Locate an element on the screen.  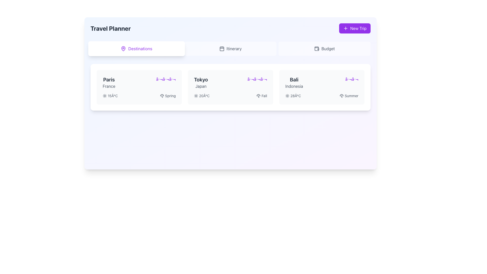
the 'New Trip' button with a purple background and white text is located at coordinates (354, 28).